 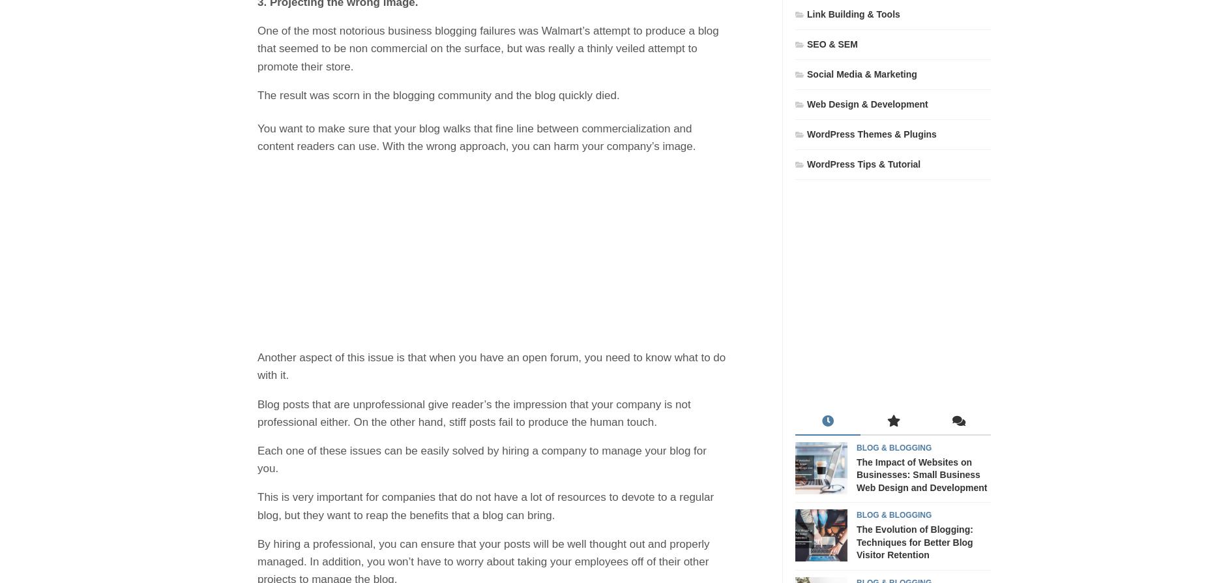 What do you see at coordinates (915, 541) in the screenshot?
I see `'The Evolution of Blogging: Techniques for Better Blog Visitor Retention'` at bounding box center [915, 541].